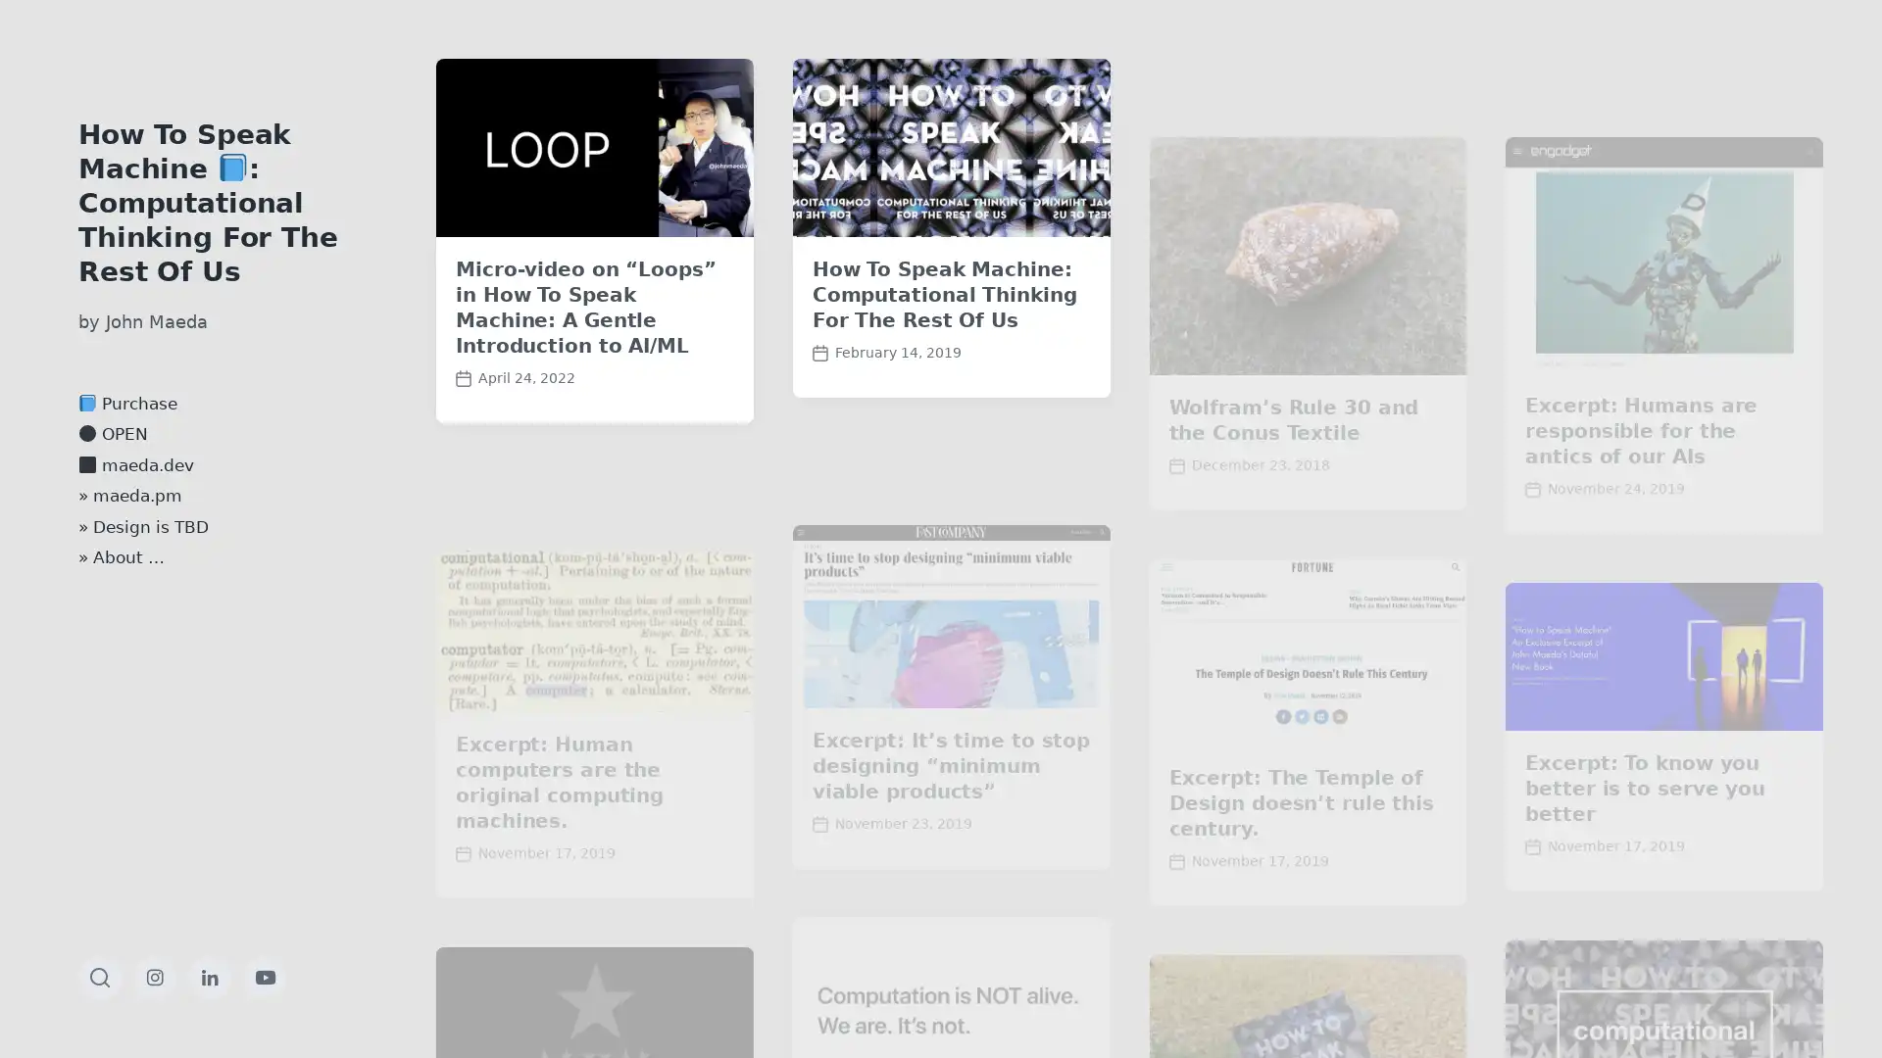 This screenshot has height=1058, width=1882. I want to click on Toggle the search field, so click(98, 978).